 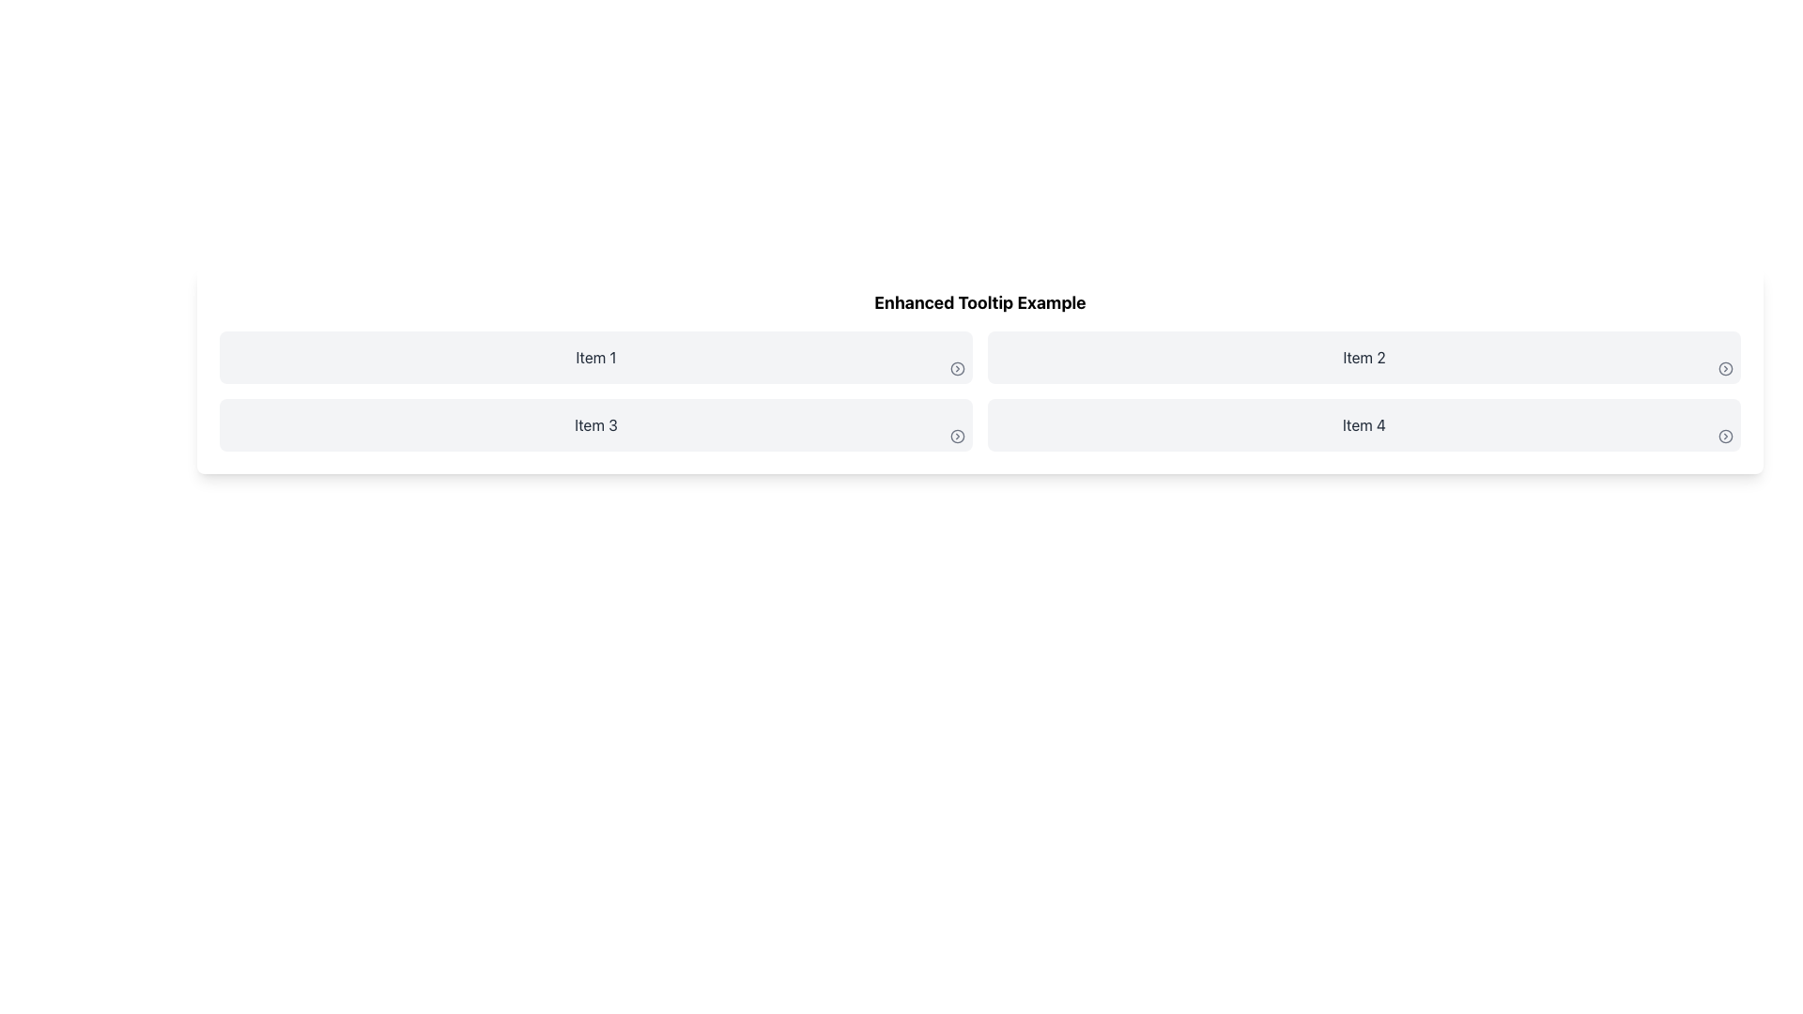 I want to click on the static label displaying 'Item 2', which is the second item in a horizontal list at the top row, so click(x=1364, y=358).